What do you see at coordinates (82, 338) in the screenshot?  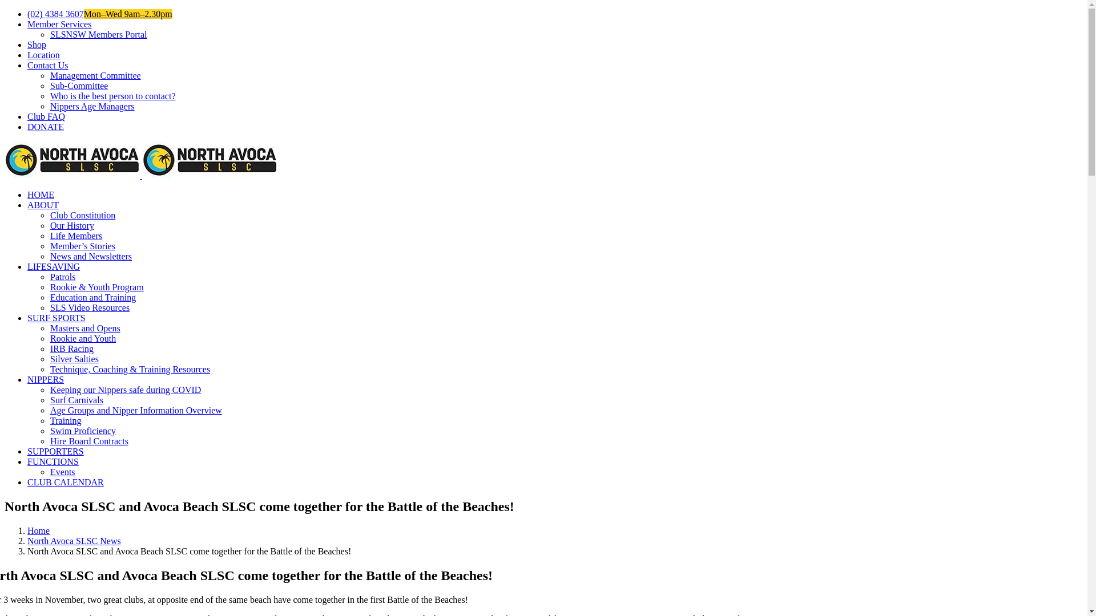 I see `'Rookie and Youth'` at bounding box center [82, 338].